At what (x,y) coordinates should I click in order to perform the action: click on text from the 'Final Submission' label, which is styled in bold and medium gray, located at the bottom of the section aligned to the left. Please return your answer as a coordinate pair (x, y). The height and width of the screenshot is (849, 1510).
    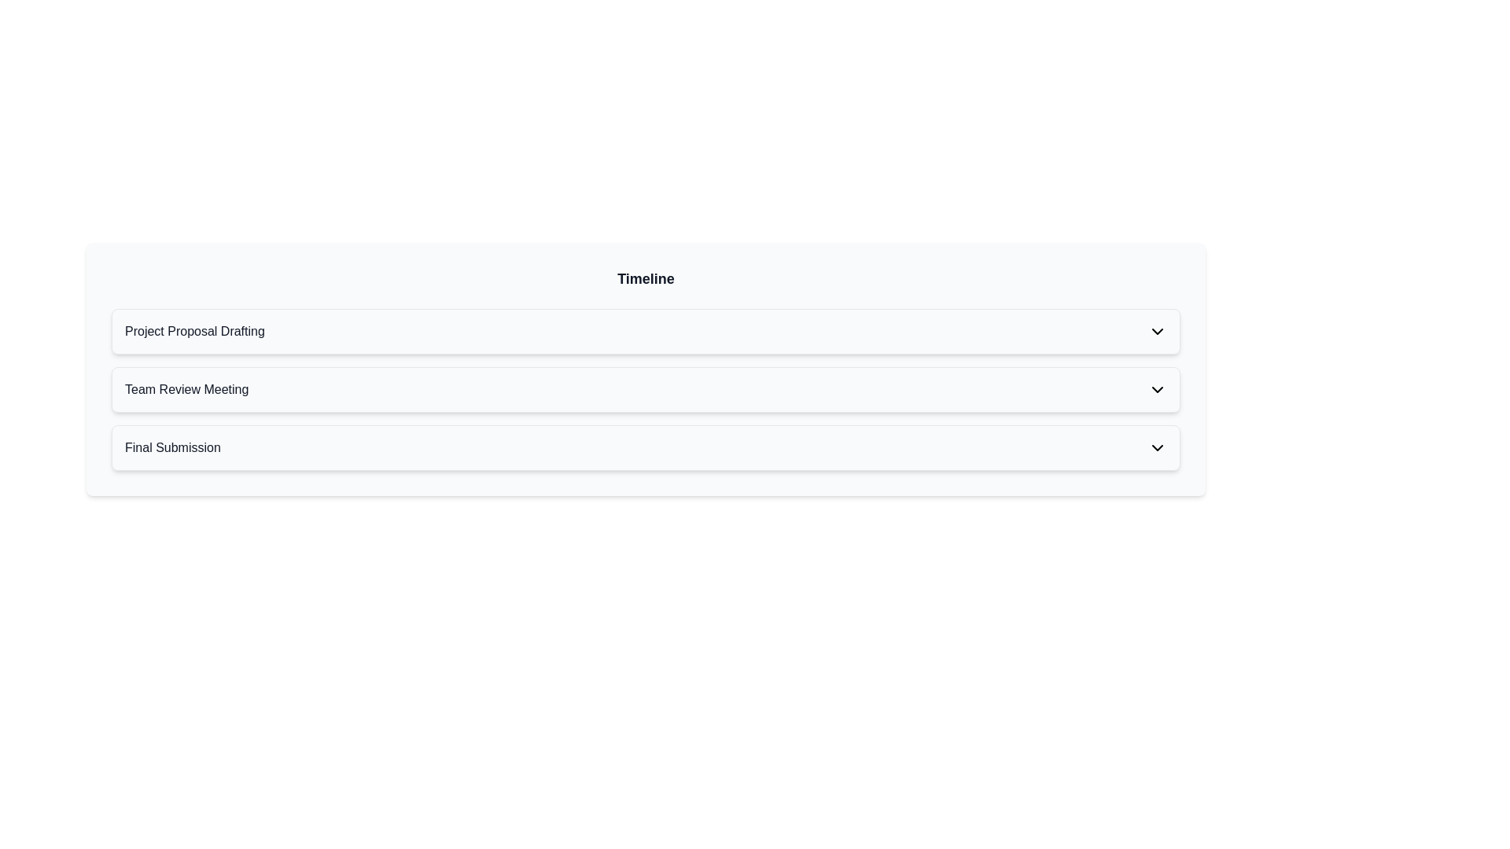
    Looking at the image, I should click on (172, 448).